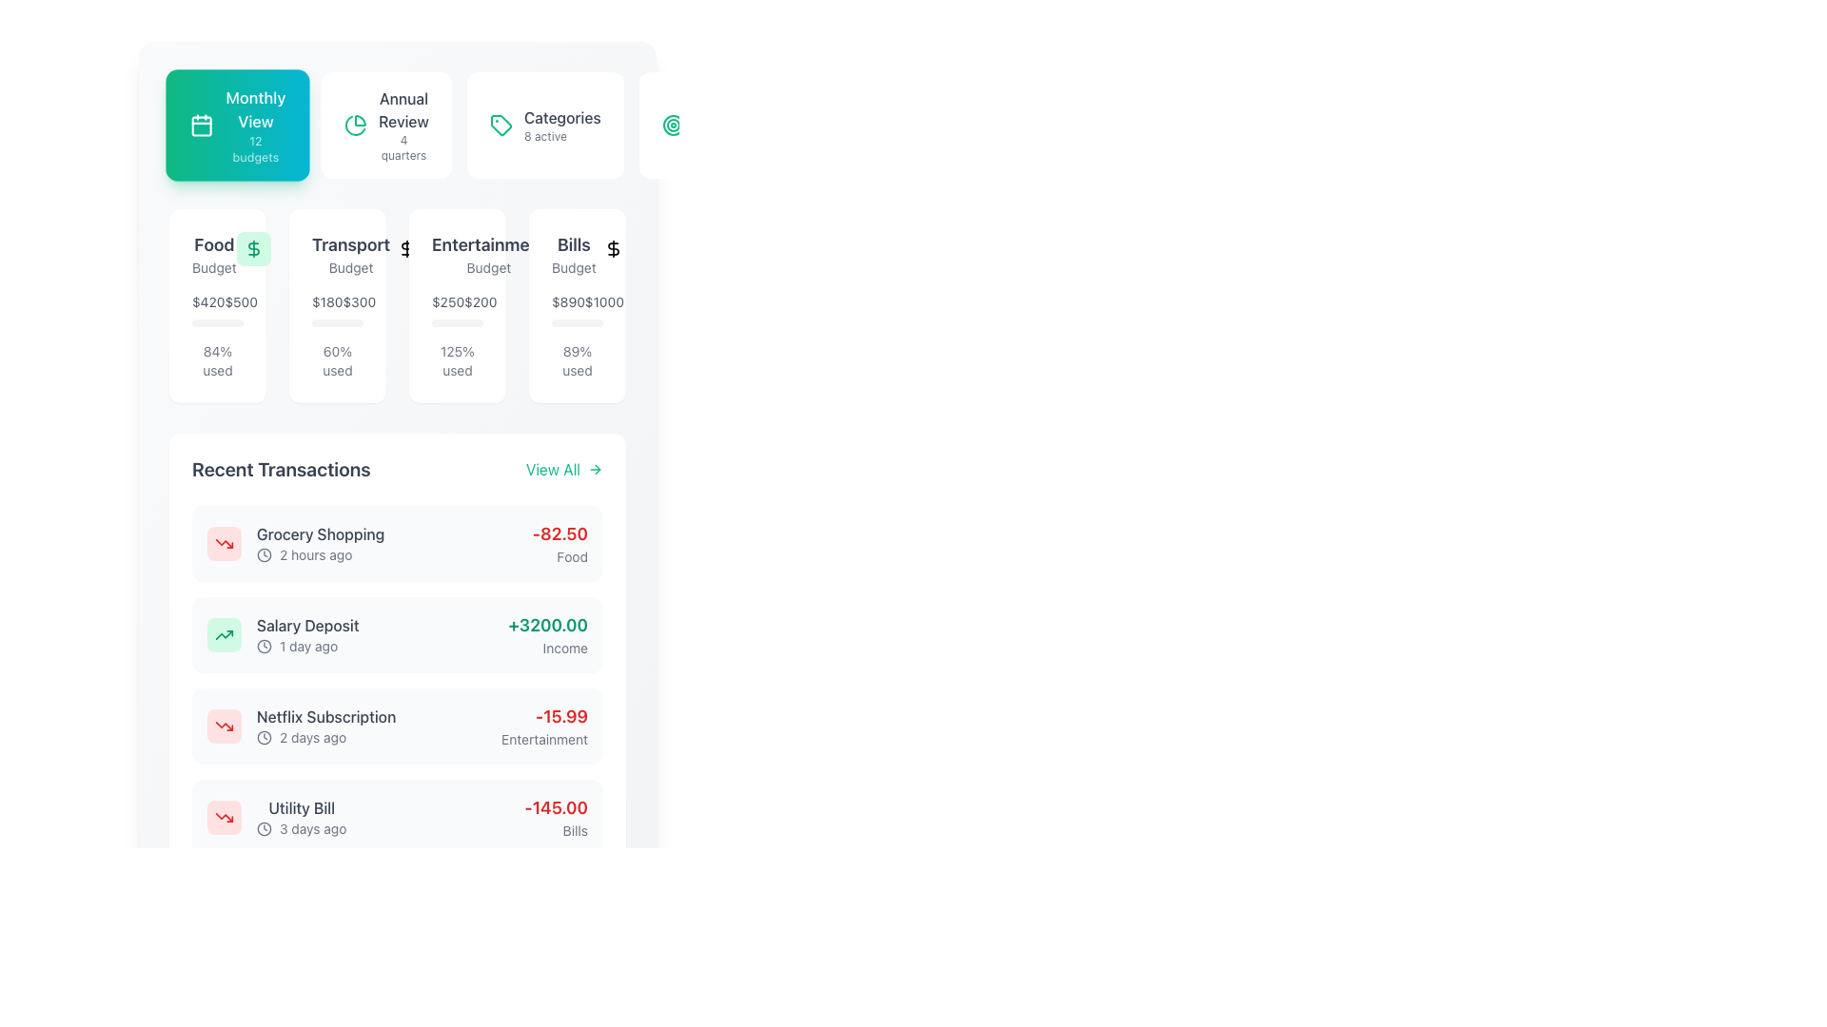  What do you see at coordinates (218, 253) in the screenshot?
I see `the 'Food' and 'Budget' text label, which is the top-left segment of the 'FoodBudget' card in the interface` at bounding box center [218, 253].